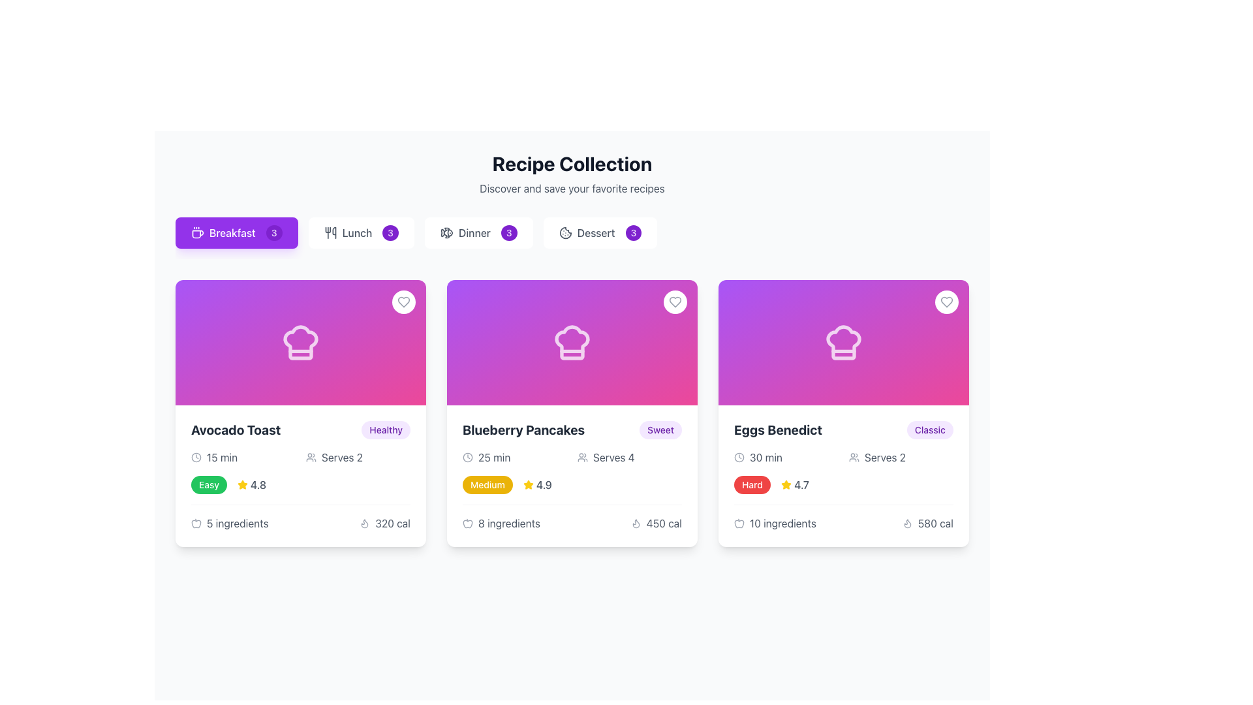 Image resolution: width=1253 pixels, height=705 pixels. Describe the element at coordinates (572, 413) in the screenshot. I see `the recipe overview card for 'Blueberry Pancakes', which is the second card in the grid layout, located between the 'Avocado Toast' and 'Eggs Benedict' cards` at that location.